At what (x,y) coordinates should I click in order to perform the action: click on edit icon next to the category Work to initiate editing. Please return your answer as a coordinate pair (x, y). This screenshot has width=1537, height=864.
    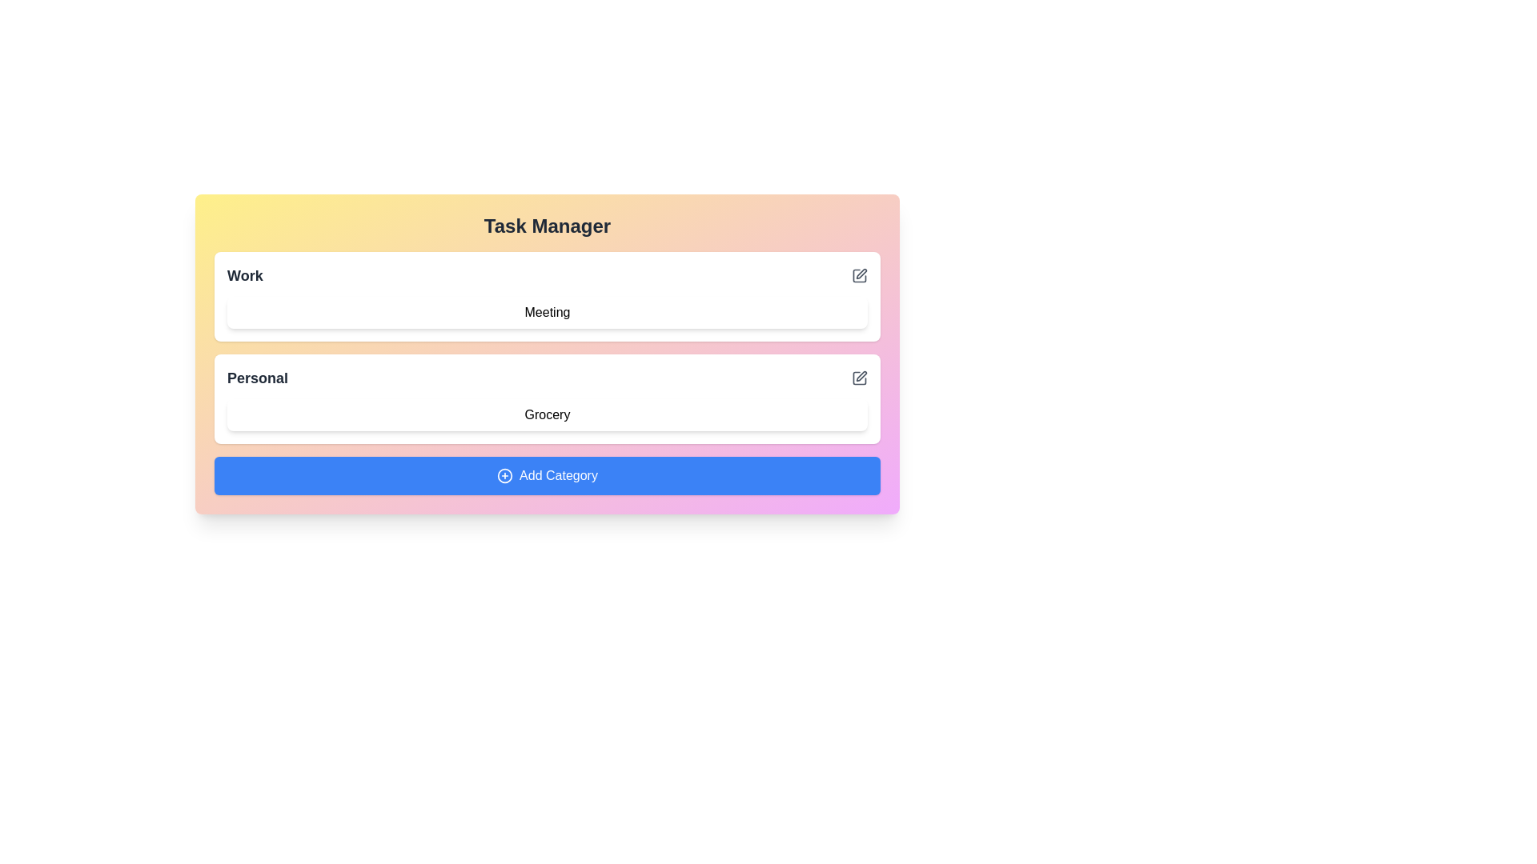
    Looking at the image, I should click on (859, 274).